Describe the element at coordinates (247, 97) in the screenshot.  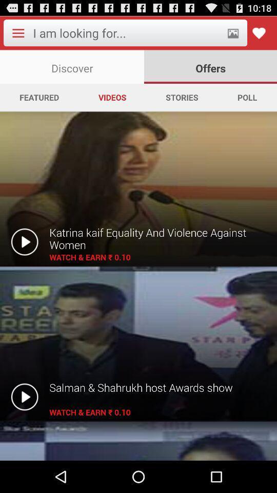
I see `icon next to the stories item` at that location.